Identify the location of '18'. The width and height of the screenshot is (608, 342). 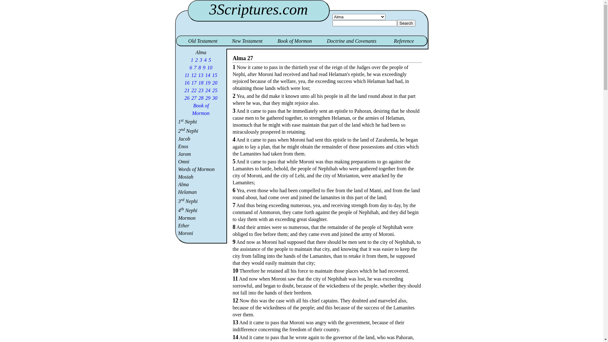
(200, 82).